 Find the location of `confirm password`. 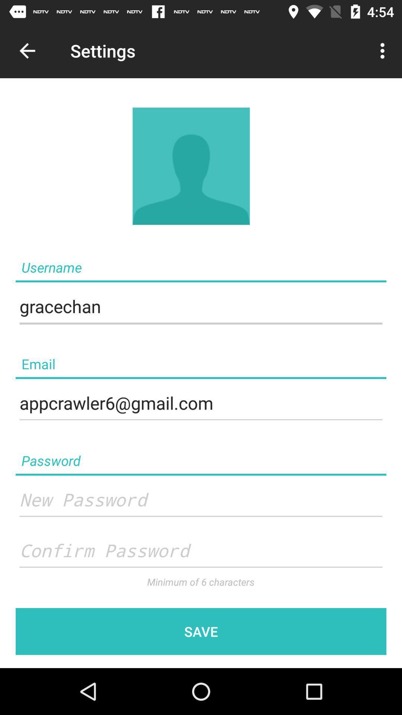

confirm password is located at coordinates (201, 551).